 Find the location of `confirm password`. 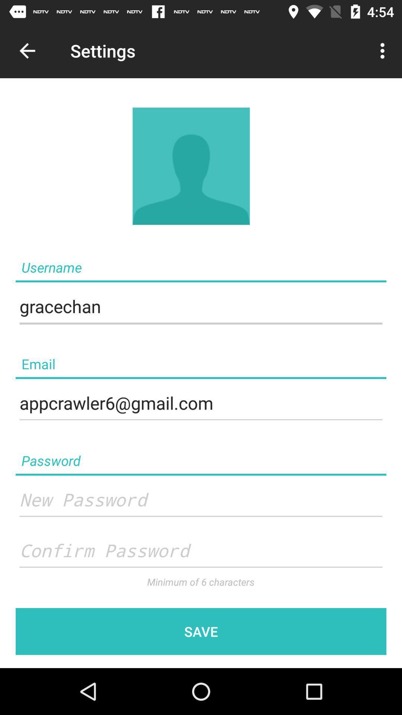

confirm password is located at coordinates (201, 551).